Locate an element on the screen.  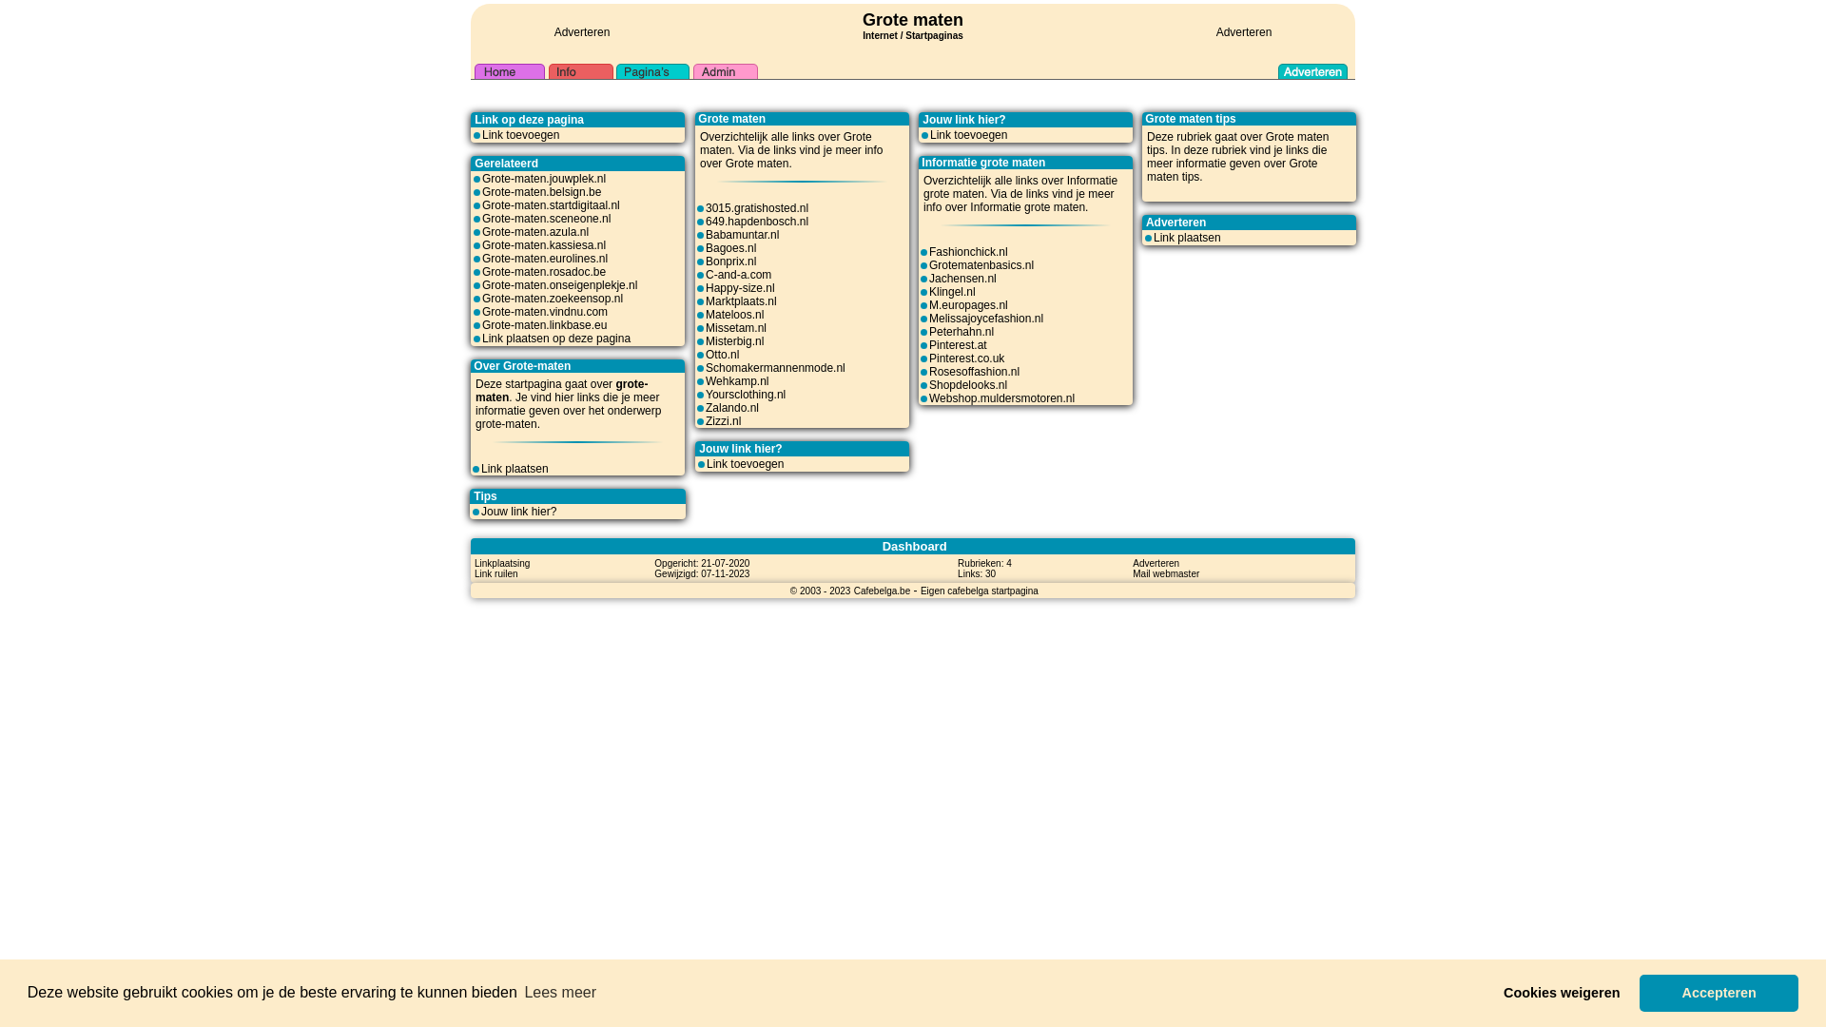
'Cookies weigeren' is located at coordinates (1562, 992).